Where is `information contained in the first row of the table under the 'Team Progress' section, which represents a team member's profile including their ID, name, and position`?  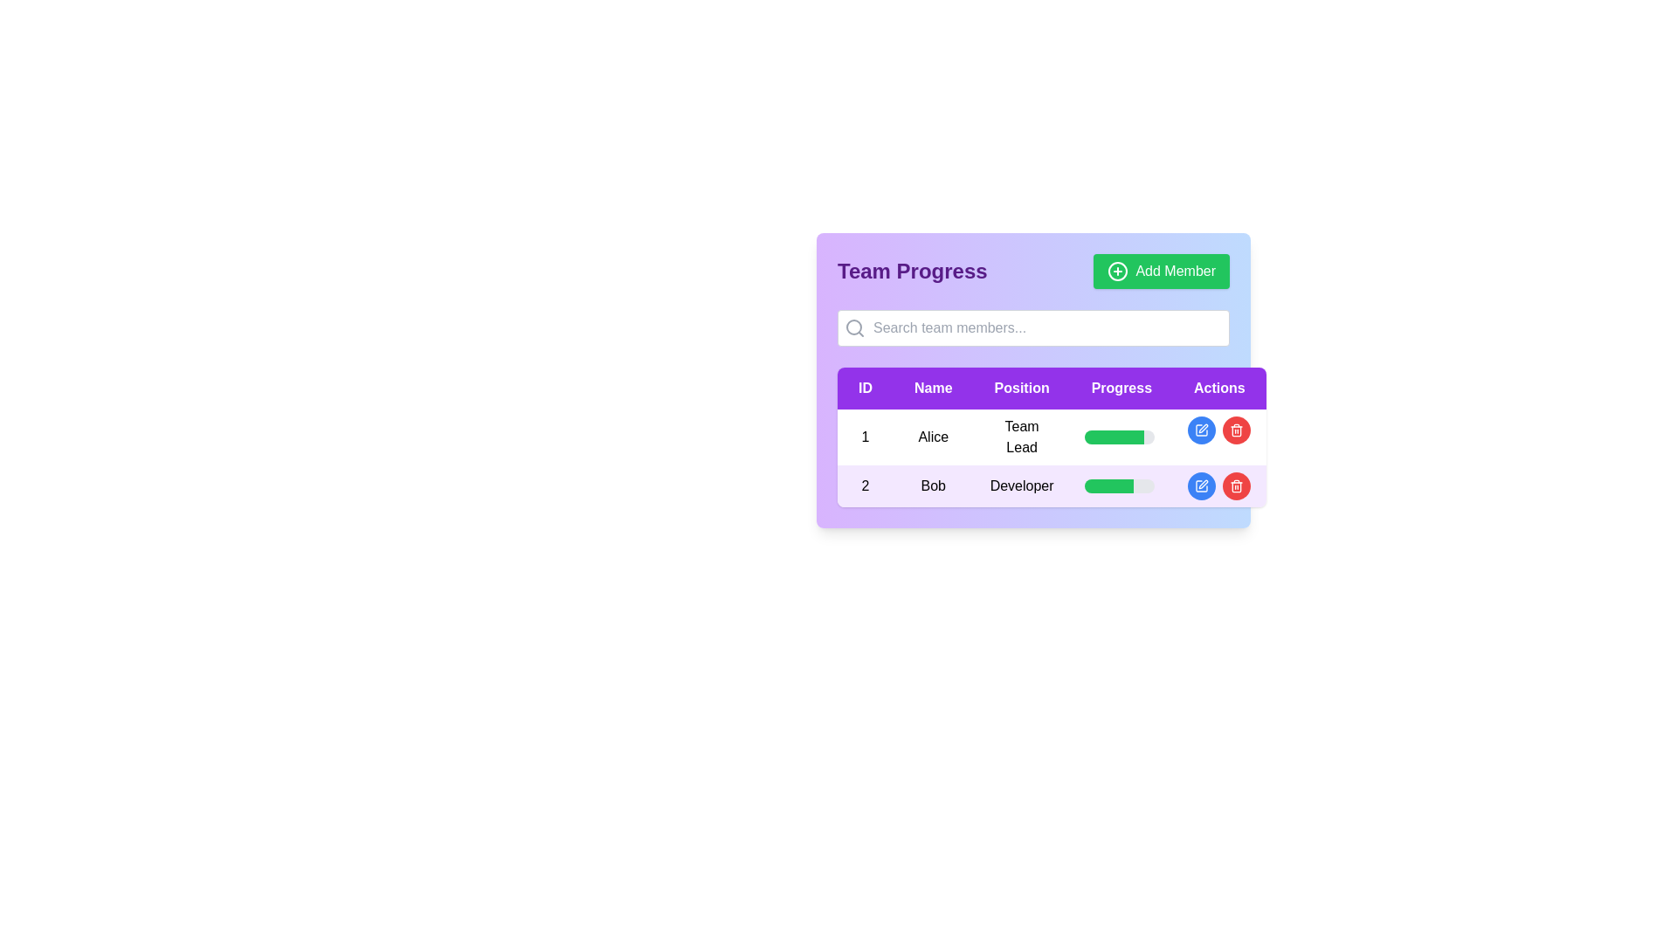
information contained in the first row of the table under the 'Team Progress' section, which represents a team member's profile including their ID, name, and position is located at coordinates (1051, 437).